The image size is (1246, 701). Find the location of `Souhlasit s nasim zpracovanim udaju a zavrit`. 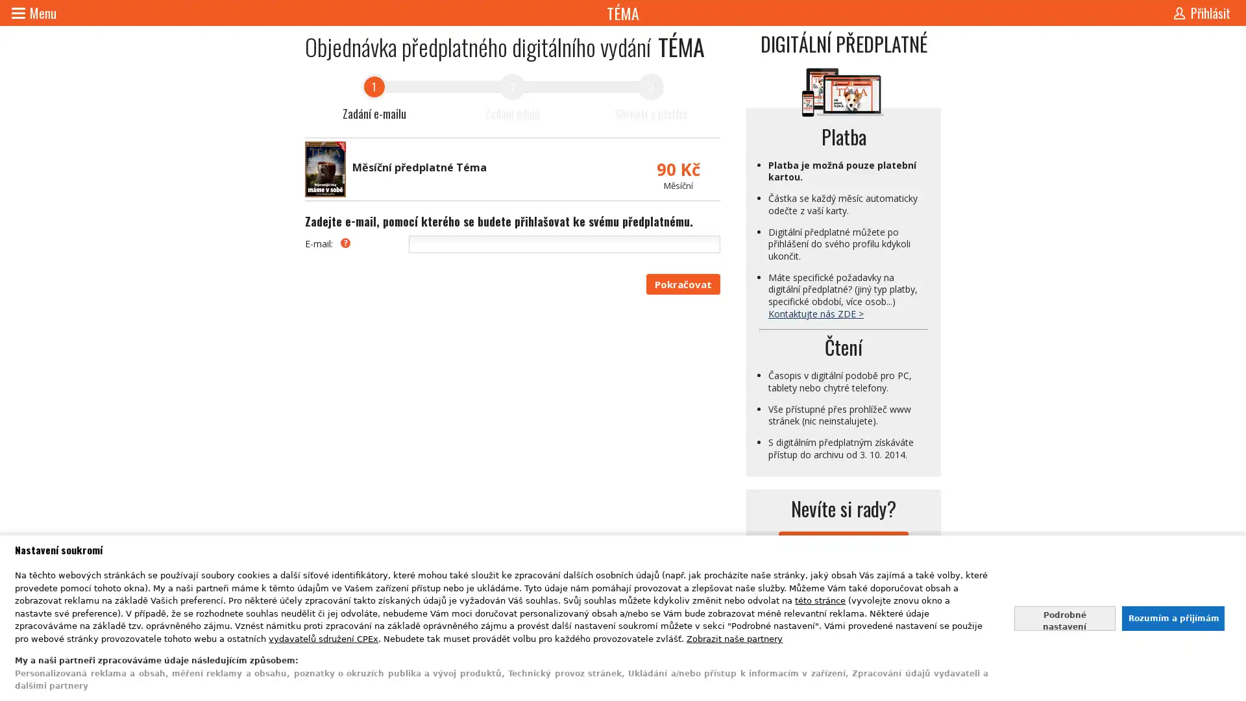

Souhlasit s nasim zpracovanim udaju a zavrit is located at coordinates (1172, 617).